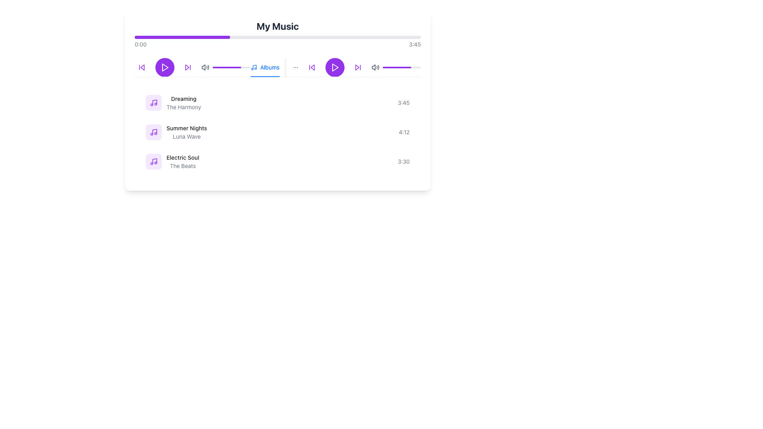 The height and width of the screenshot is (429, 763). What do you see at coordinates (182, 165) in the screenshot?
I see `the text label providing supplementary information for the song 'Electric Soul'` at bounding box center [182, 165].